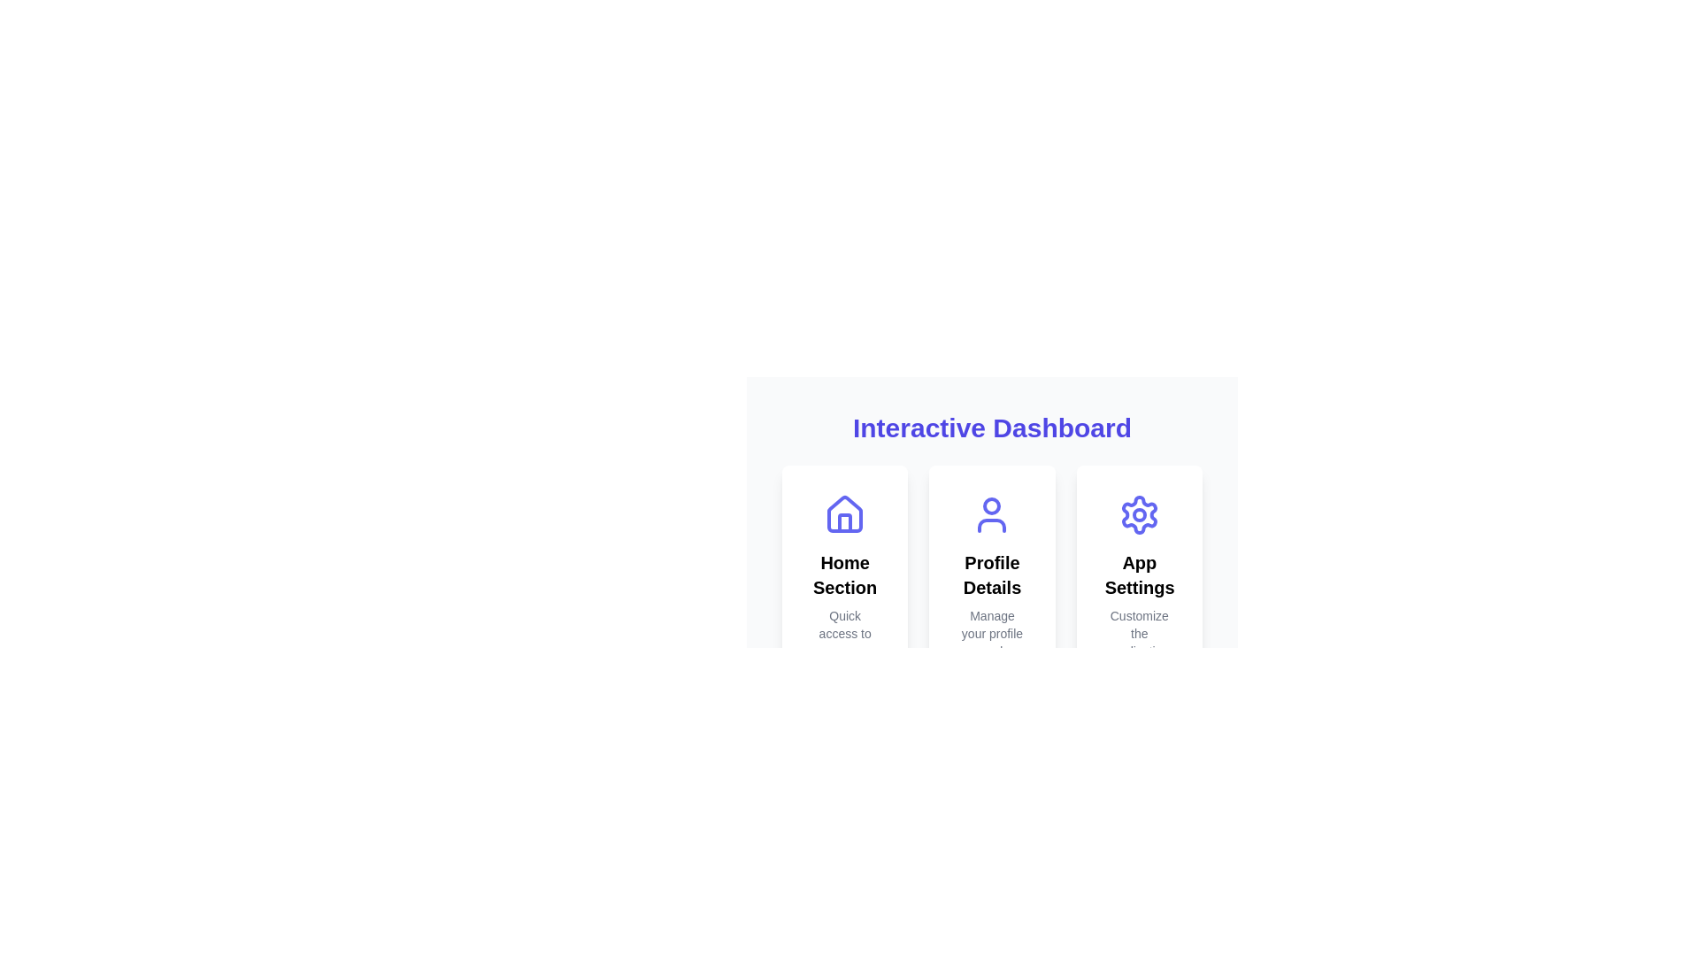  Describe the element at coordinates (992, 575) in the screenshot. I see `the 'Profile Details' text label, which serves as the prominent header indicating the purpose of the section` at that location.